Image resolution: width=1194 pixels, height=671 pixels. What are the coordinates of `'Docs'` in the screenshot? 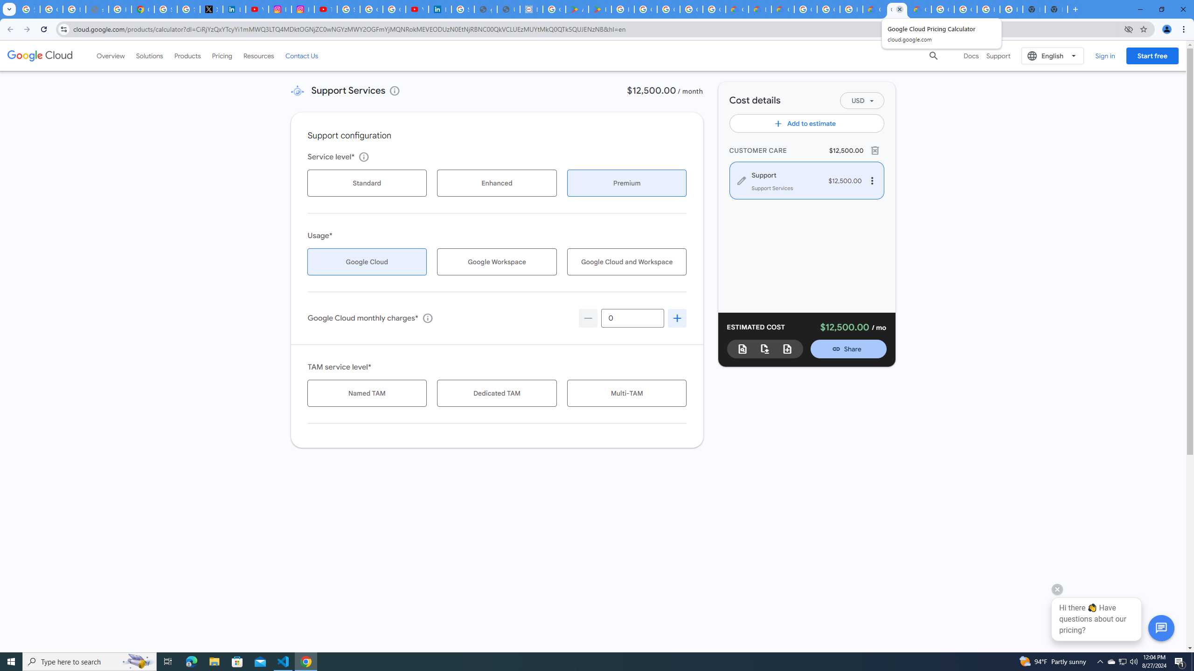 It's located at (971, 55).